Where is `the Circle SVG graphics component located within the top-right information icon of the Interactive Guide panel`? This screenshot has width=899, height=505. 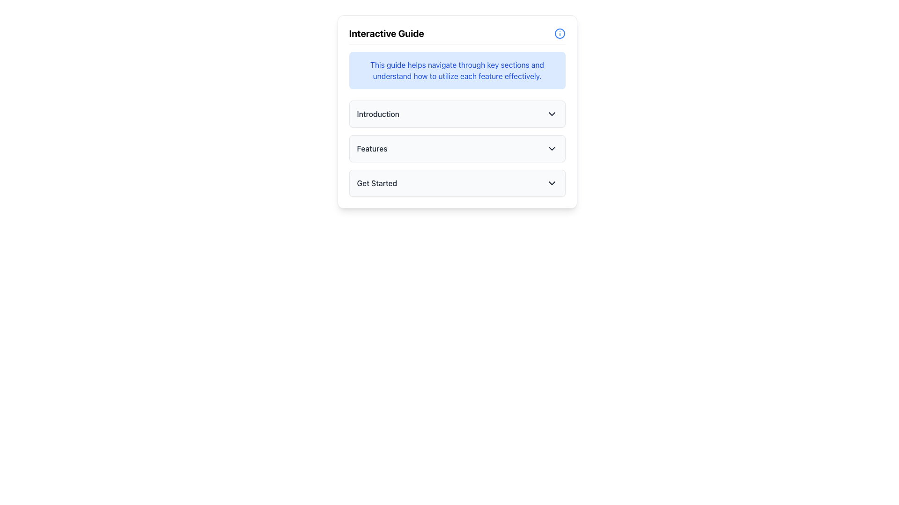 the Circle SVG graphics component located within the top-right information icon of the Interactive Guide panel is located at coordinates (560, 33).